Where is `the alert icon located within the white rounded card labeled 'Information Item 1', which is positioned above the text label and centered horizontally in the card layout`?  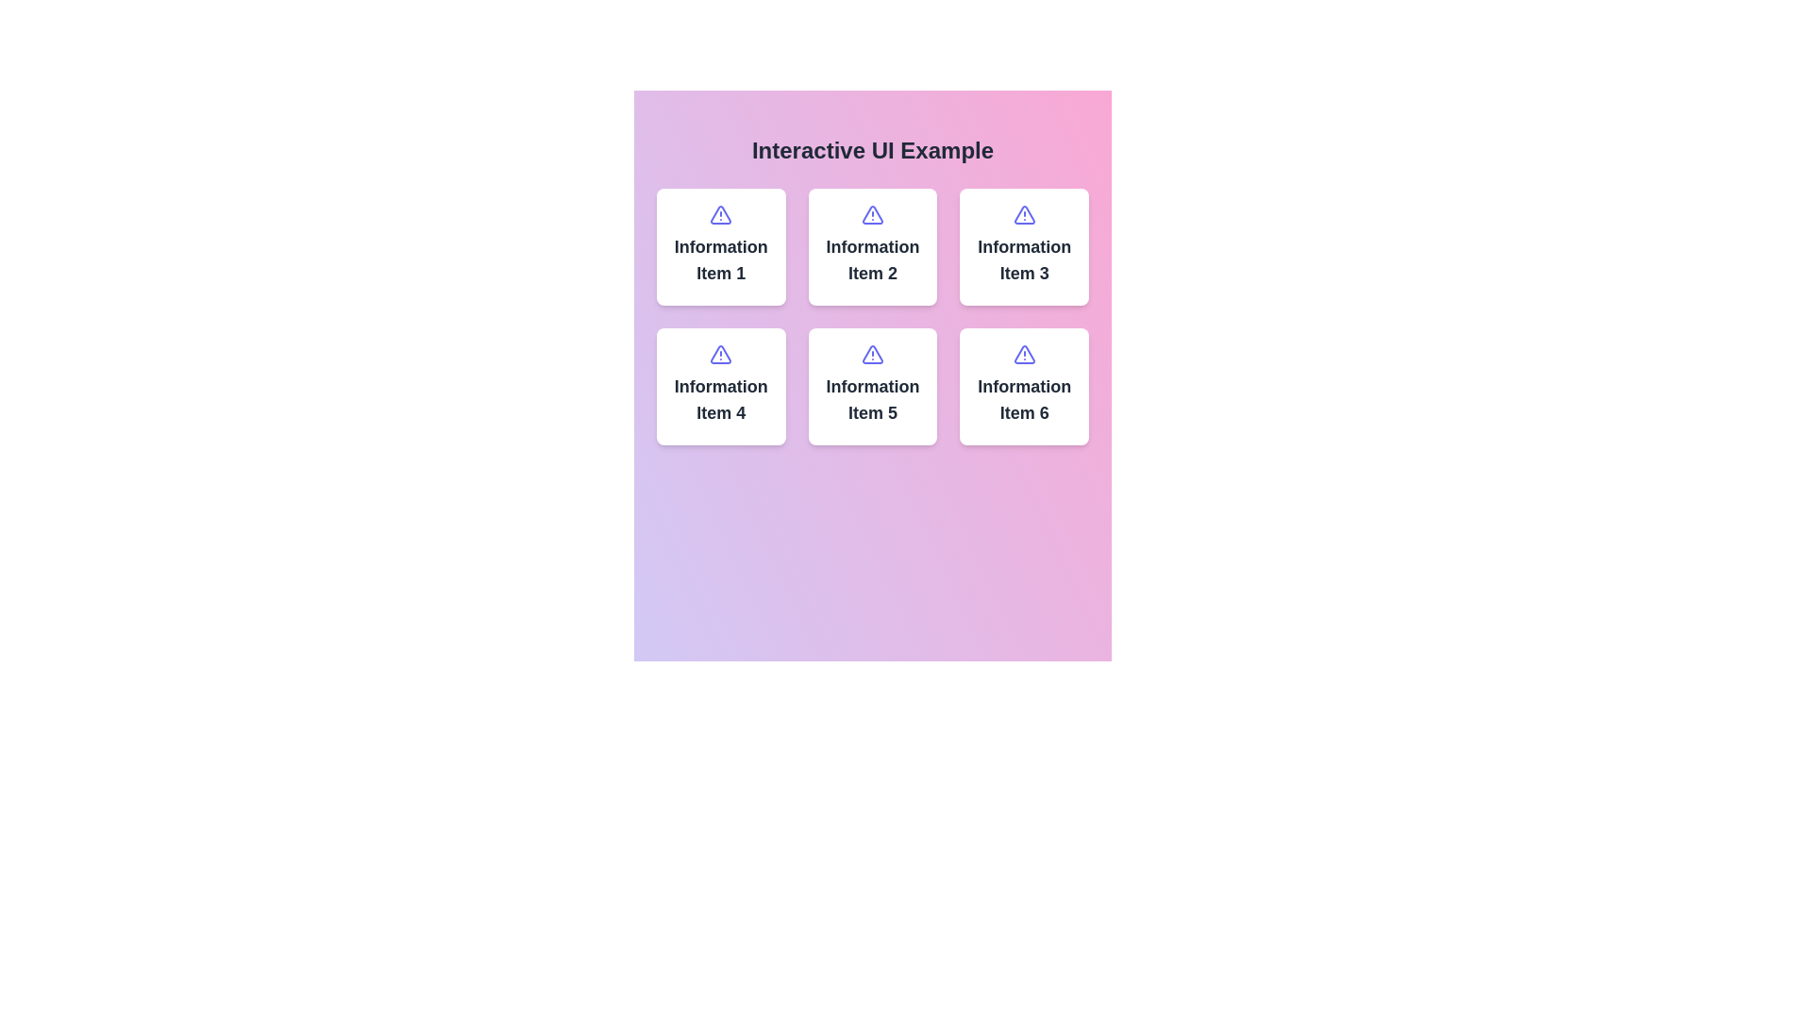
the alert icon located within the white rounded card labeled 'Information Item 1', which is positioned above the text label and centered horizontally in the card layout is located at coordinates (720, 213).